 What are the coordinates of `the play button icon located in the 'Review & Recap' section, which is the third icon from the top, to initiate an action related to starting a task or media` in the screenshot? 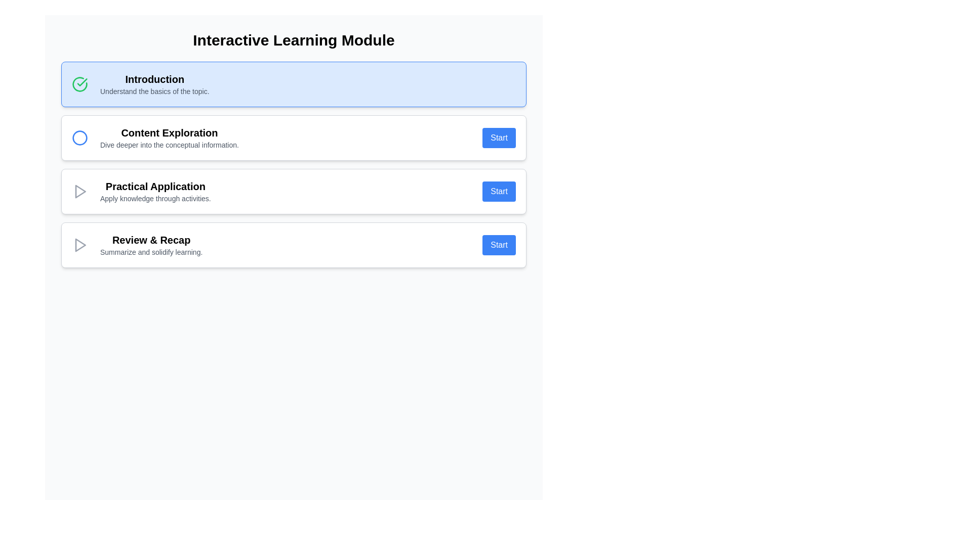 It's located at (80, 245).